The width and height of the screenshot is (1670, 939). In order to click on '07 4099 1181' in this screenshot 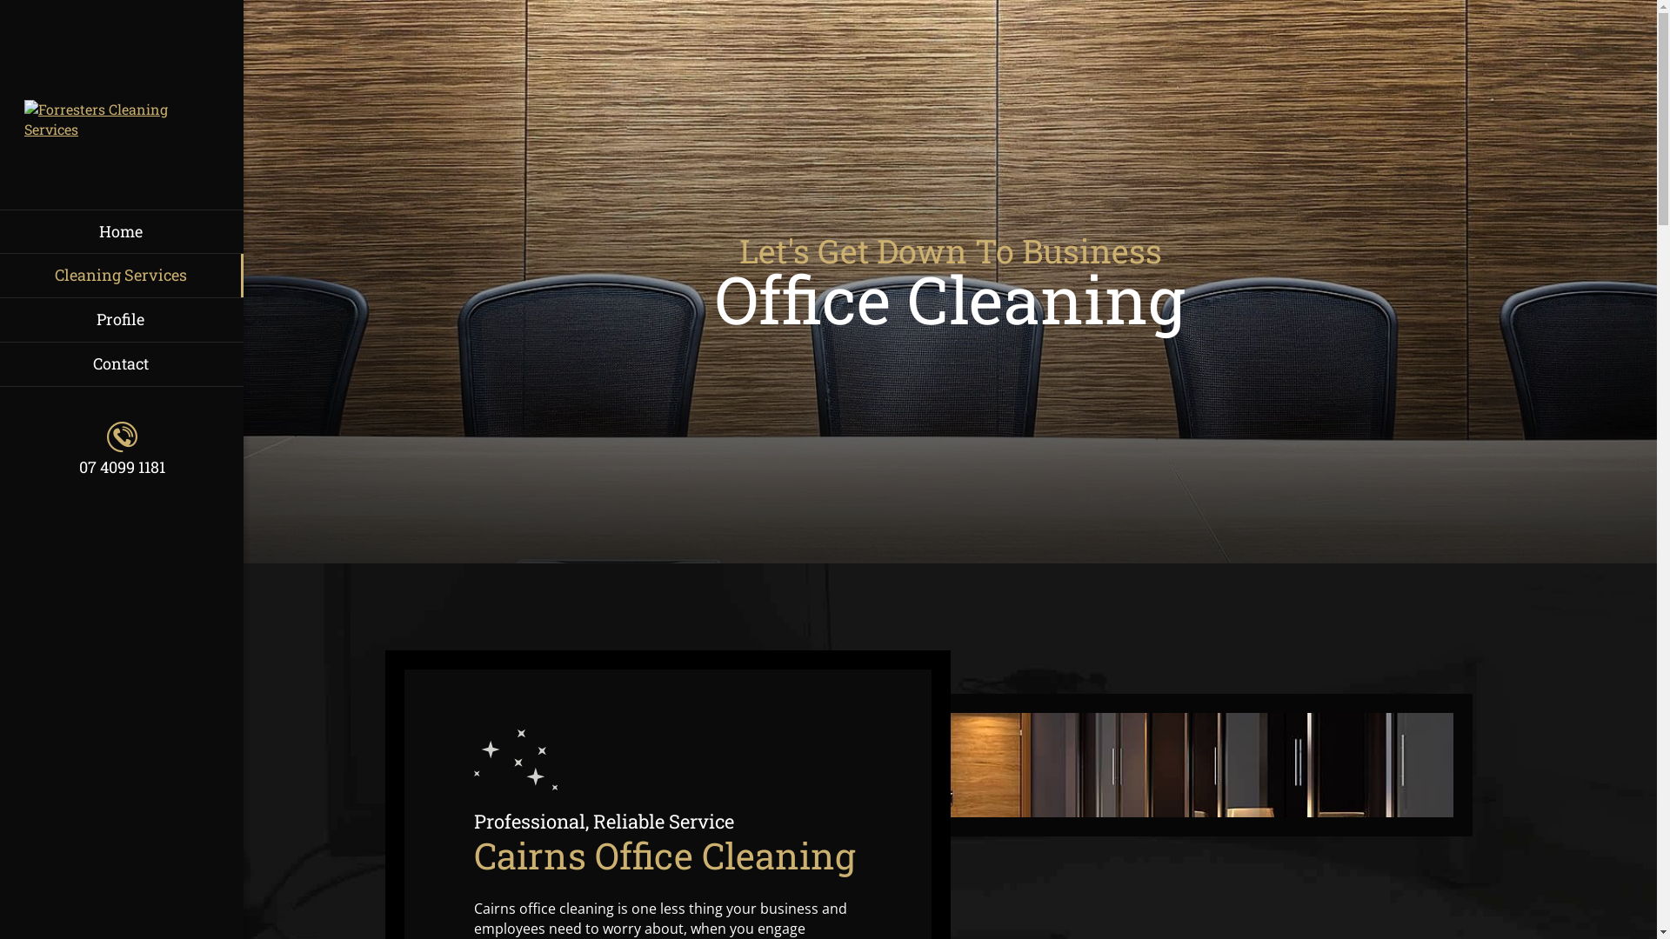, I will do `click(24, 448)`.